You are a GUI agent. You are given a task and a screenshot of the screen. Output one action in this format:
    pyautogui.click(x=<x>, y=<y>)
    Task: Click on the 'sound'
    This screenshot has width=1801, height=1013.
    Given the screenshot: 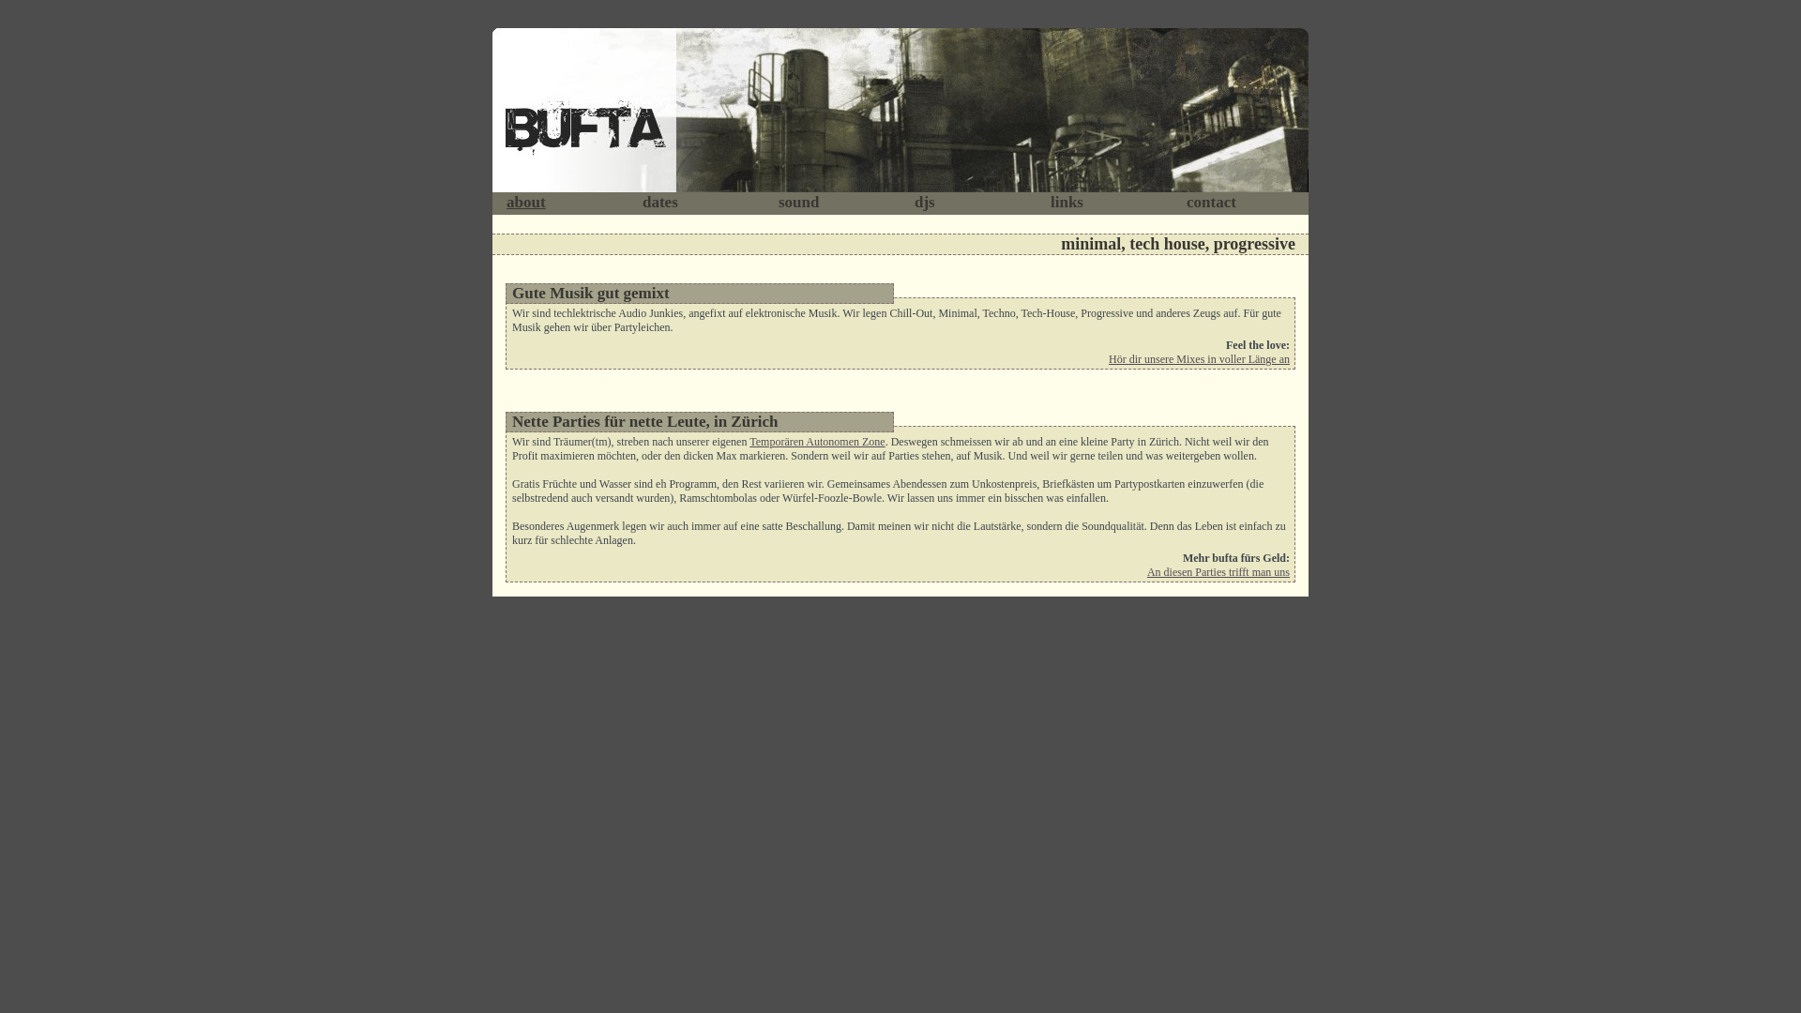 What is the action you would take?
    pyautogui.click(x=798, y=202)
    